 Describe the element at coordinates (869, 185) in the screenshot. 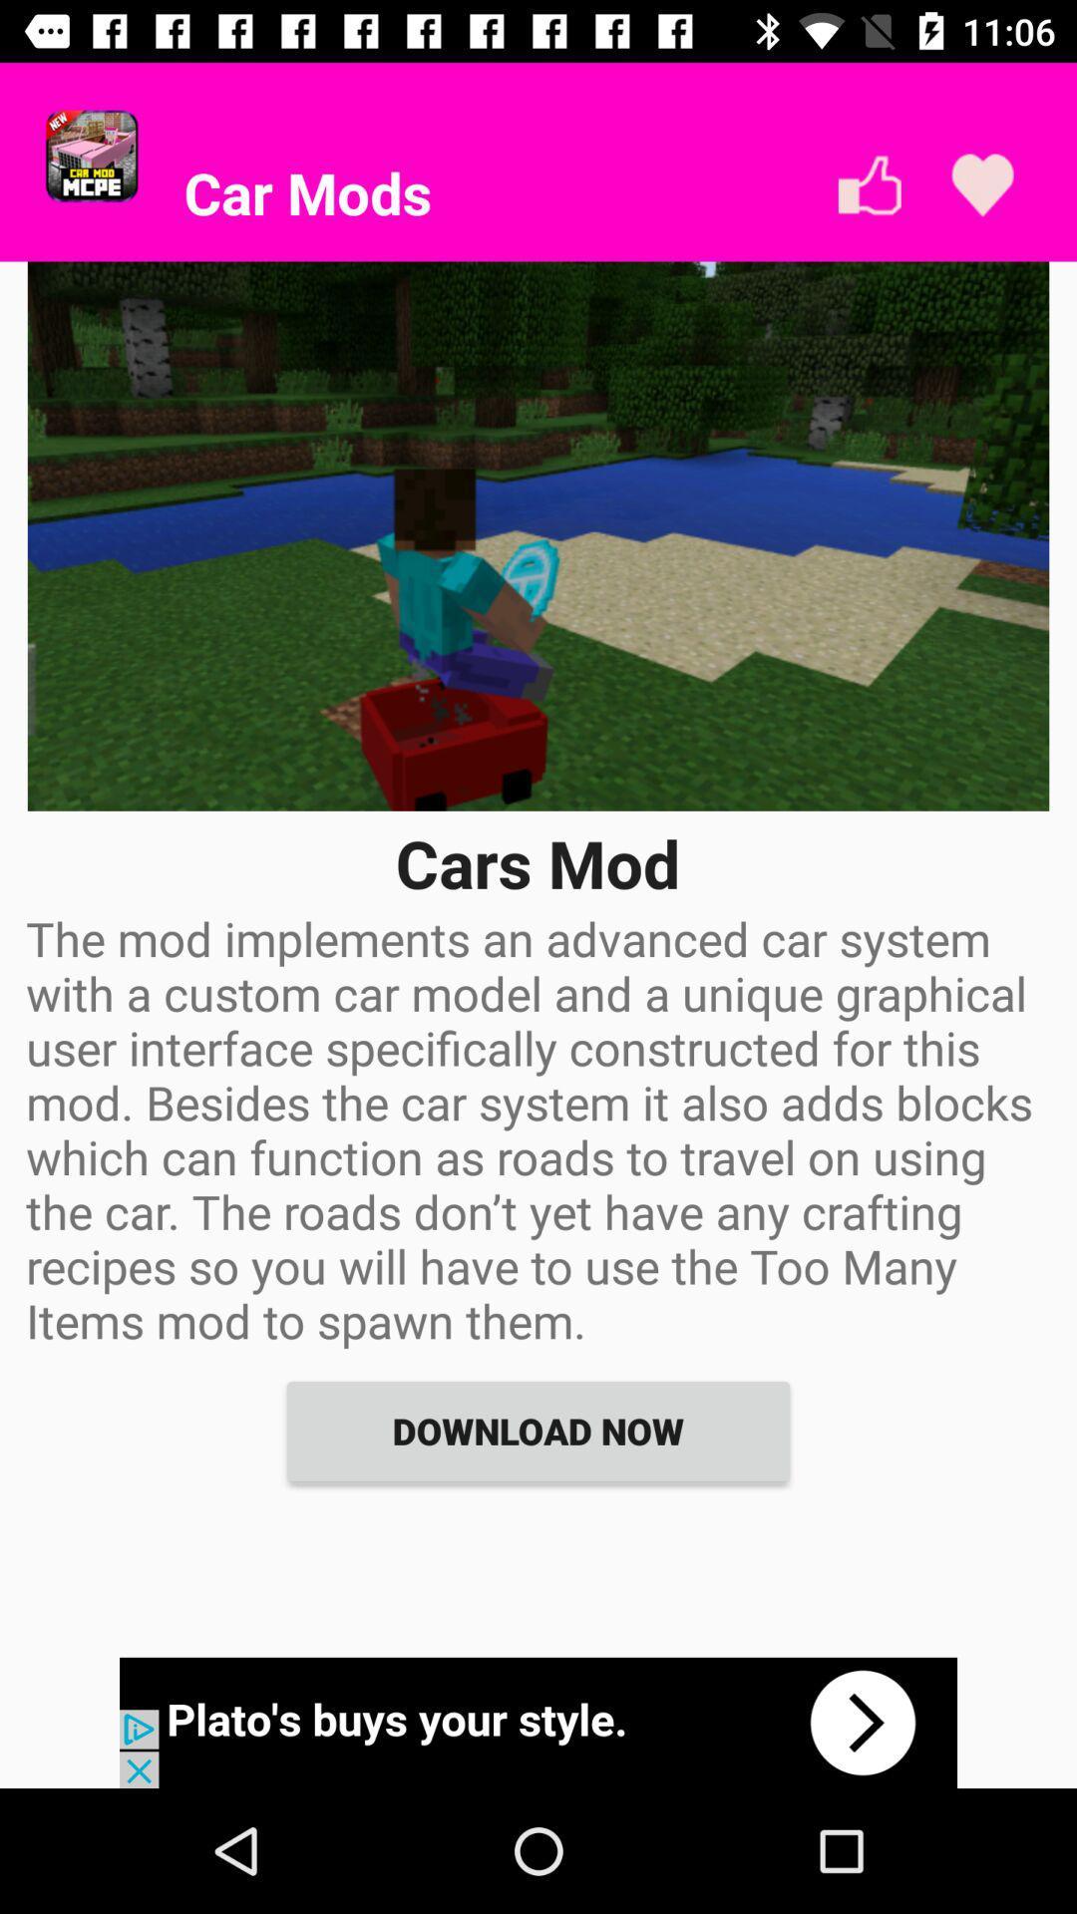

I see `the thumbs_up icon` at that location.